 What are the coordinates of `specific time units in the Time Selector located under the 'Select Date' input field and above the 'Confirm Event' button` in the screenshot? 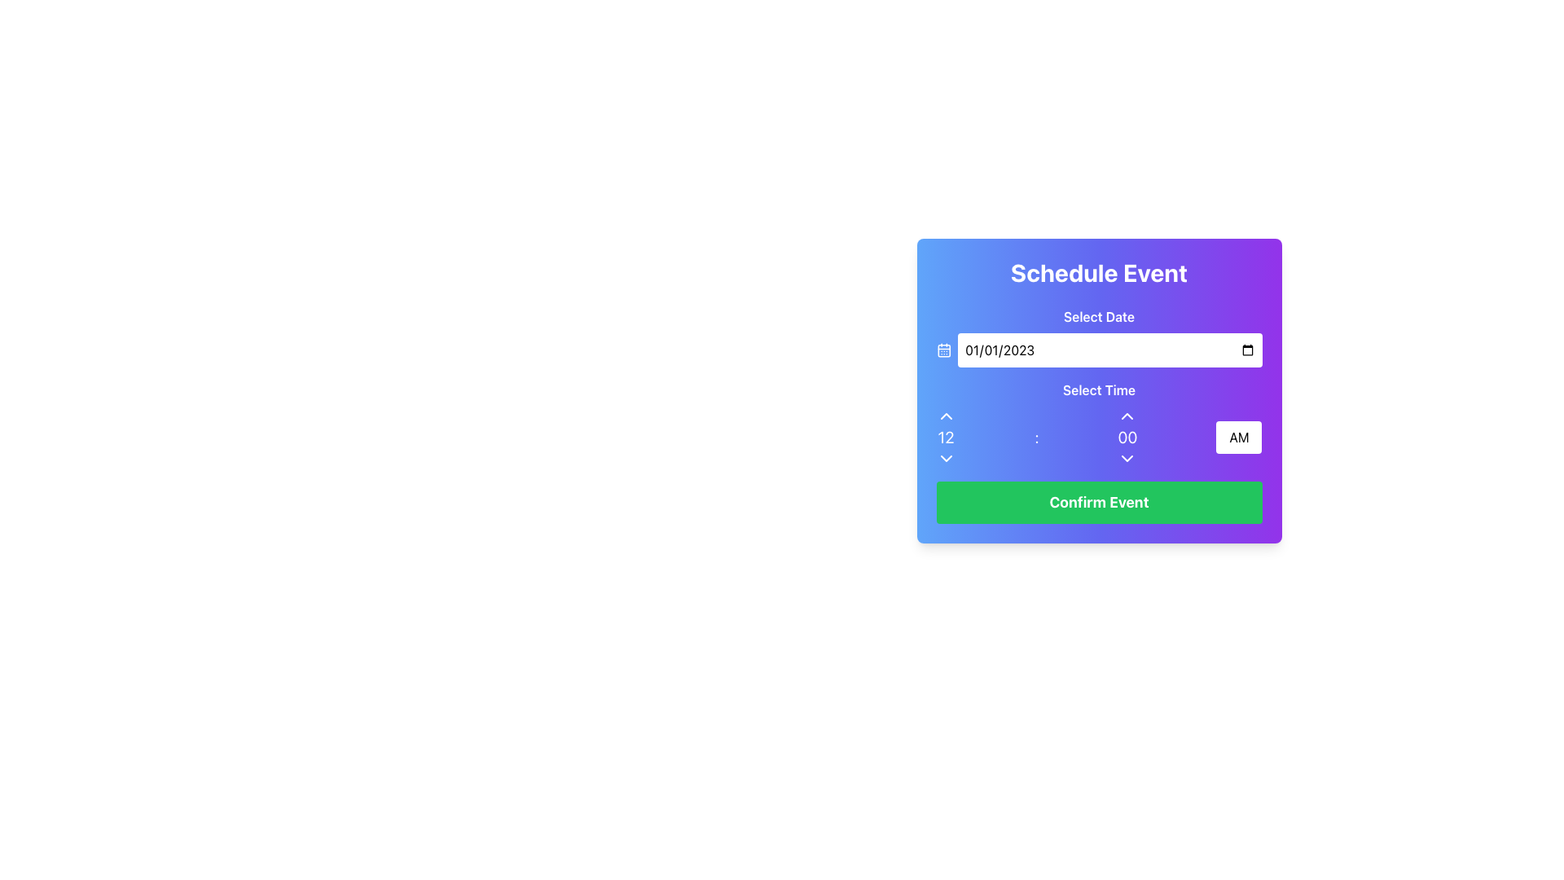 It's located at (1099, 423).